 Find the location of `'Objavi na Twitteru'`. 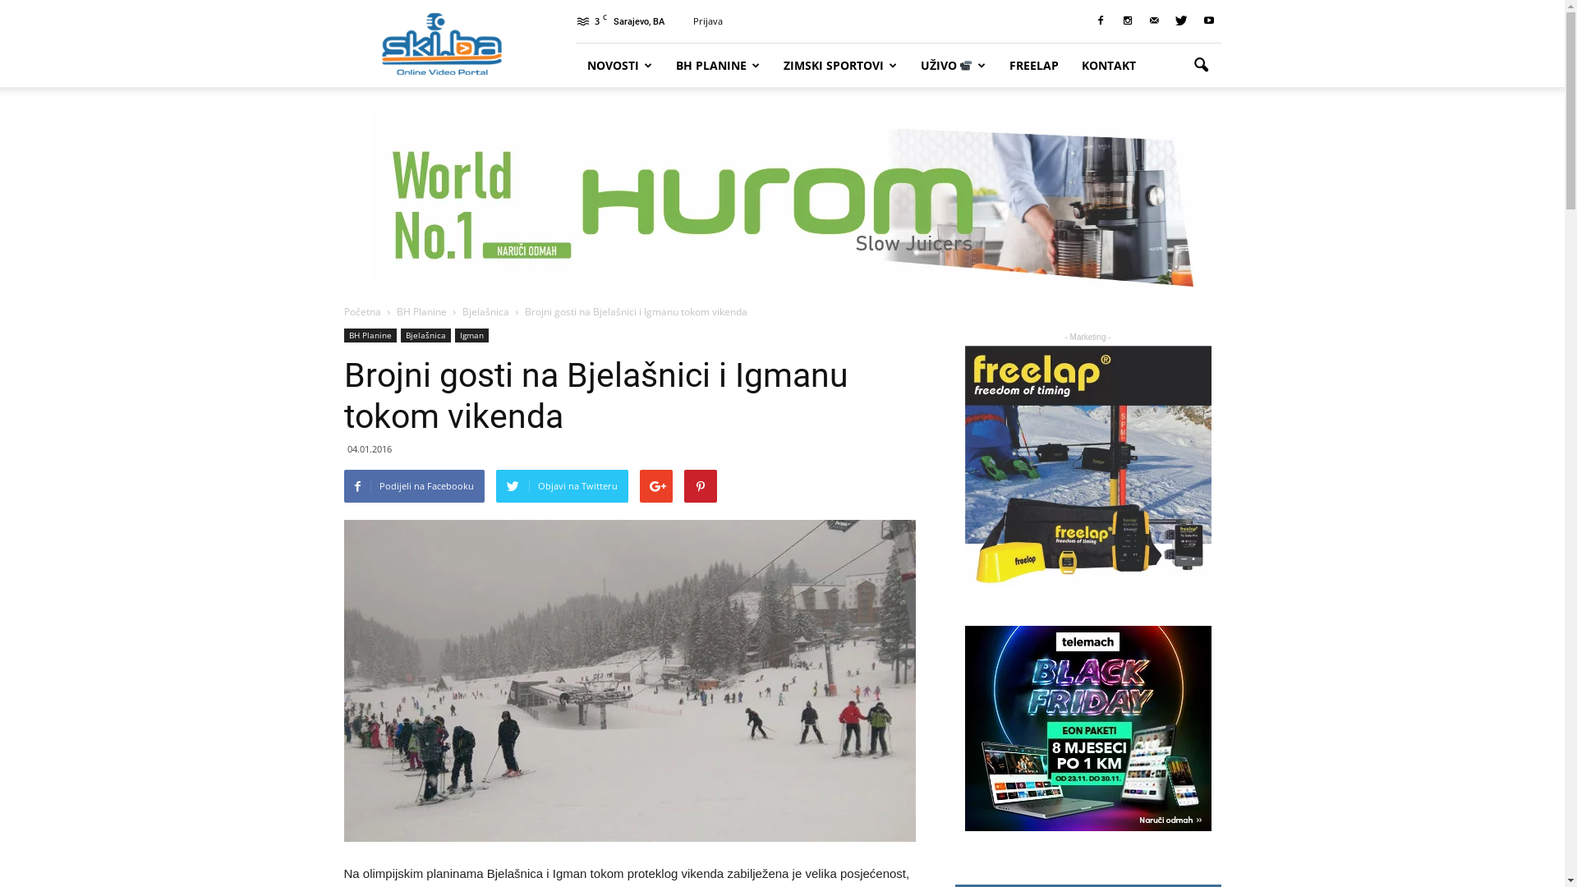

'Objavi na Twitteru' is located at coordinates (495, 485).